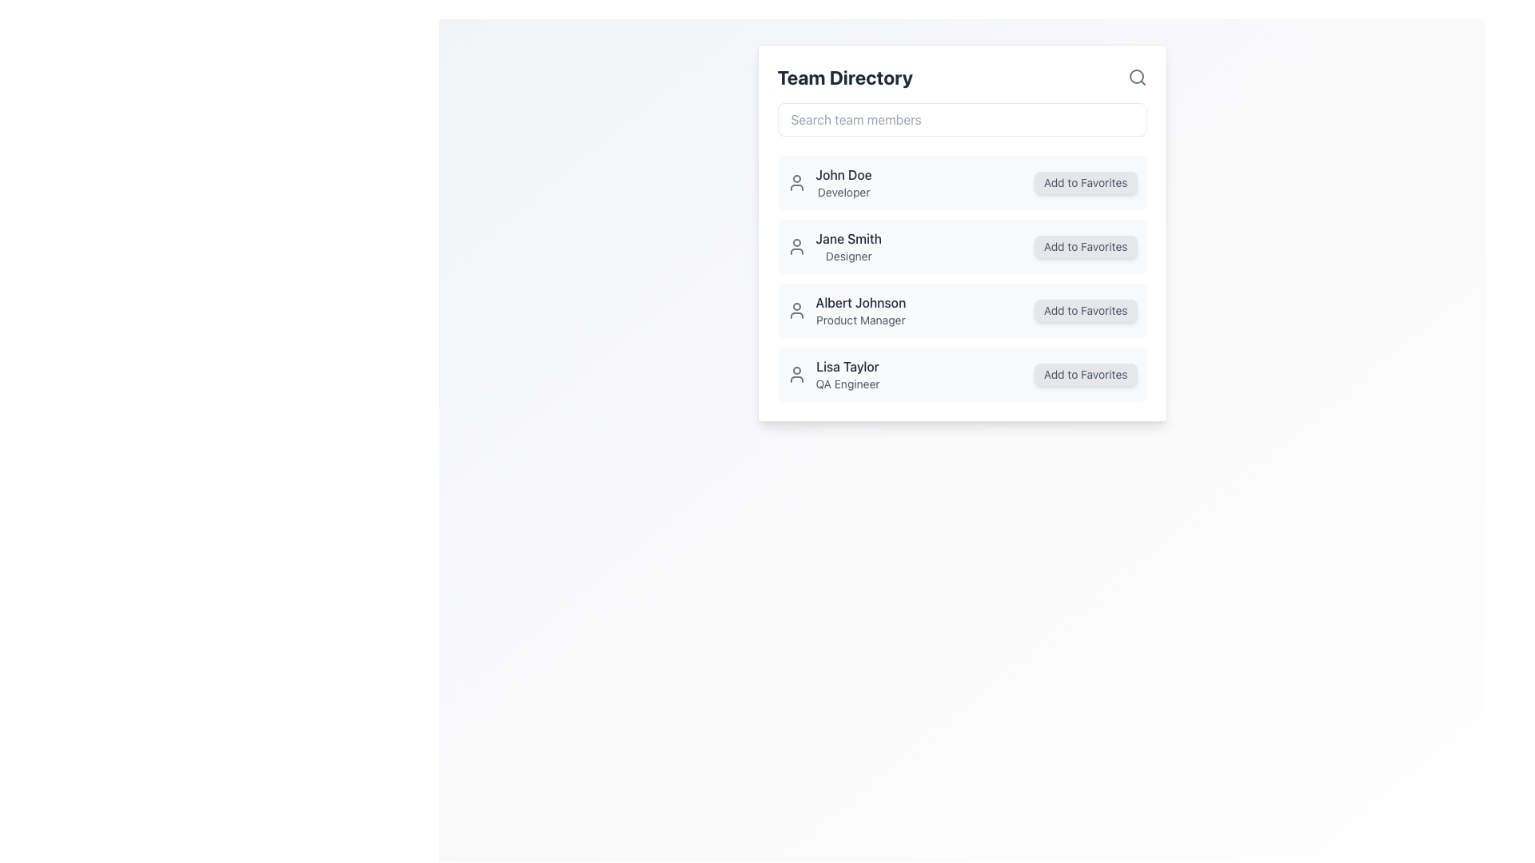 The height and width of the screenshot is (863, 1535). Describe the element at coordinates (847, 255) in the screenshot. I see `the static text label displaying 'Designer' located beneath 'Jane Smith' in the team directory list` at that location.